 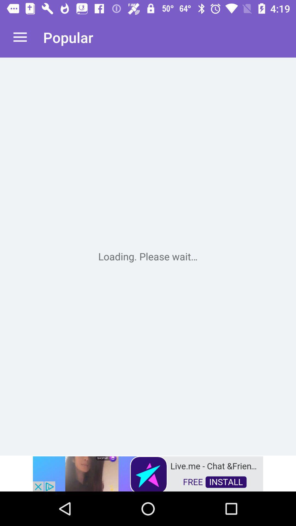 What do you see at coordinates (148, 256) in the screenshot?
I see `click open` at bounding box center [148, 256].